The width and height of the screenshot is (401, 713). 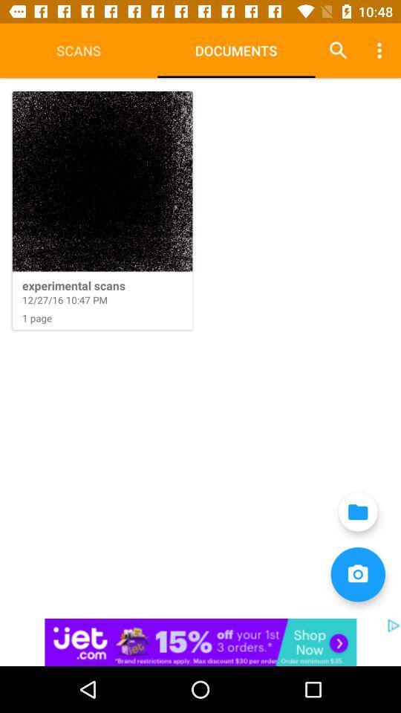 I want to click on the folder icon, so click(x=357, y=512).